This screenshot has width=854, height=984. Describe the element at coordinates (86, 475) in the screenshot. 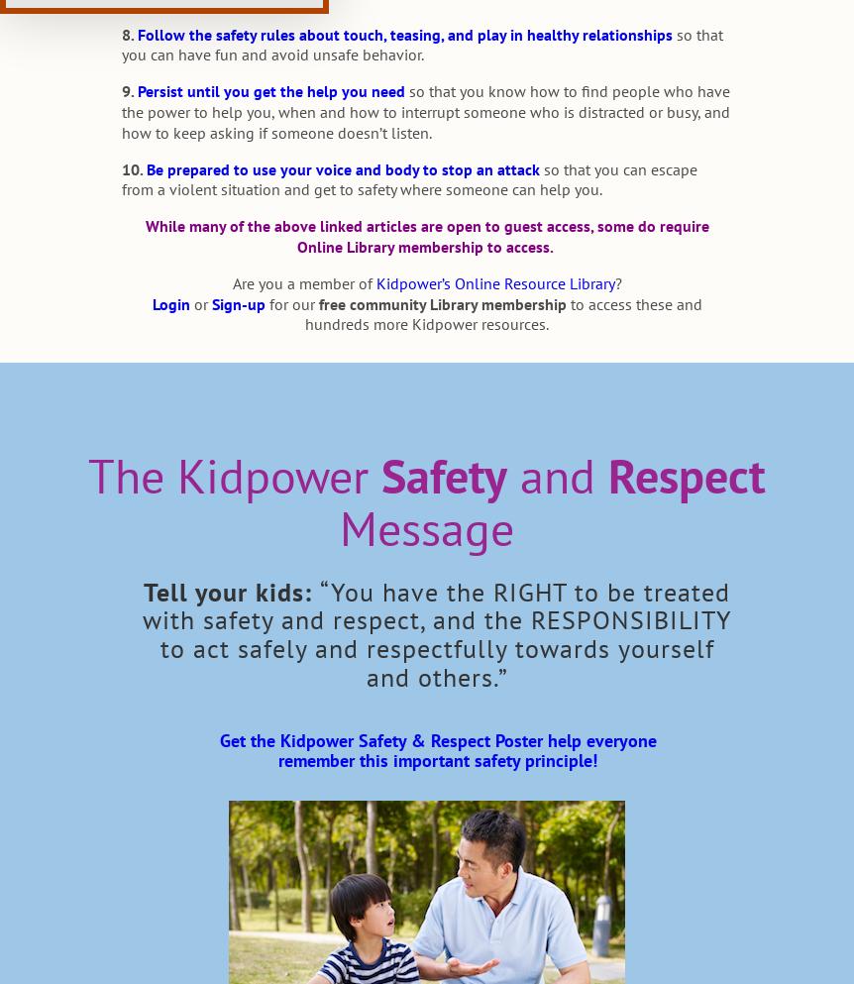

I see `'The Kidpower'` at that location.